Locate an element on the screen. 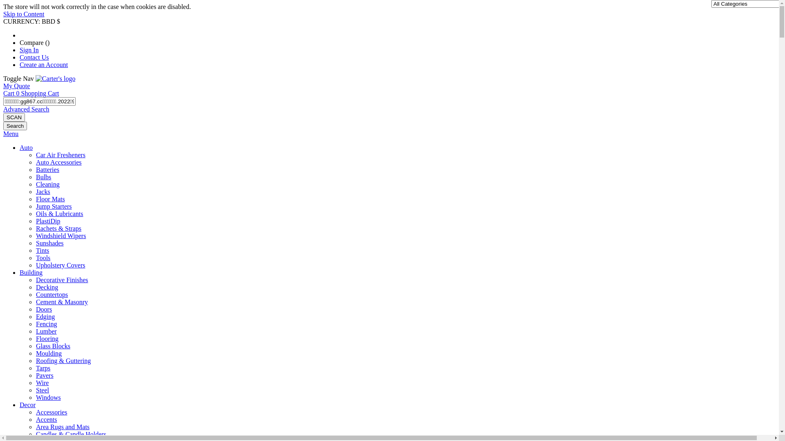 The height and width of the screenshot is (441, 785). 'Building' is located at coordinates (31, 272).